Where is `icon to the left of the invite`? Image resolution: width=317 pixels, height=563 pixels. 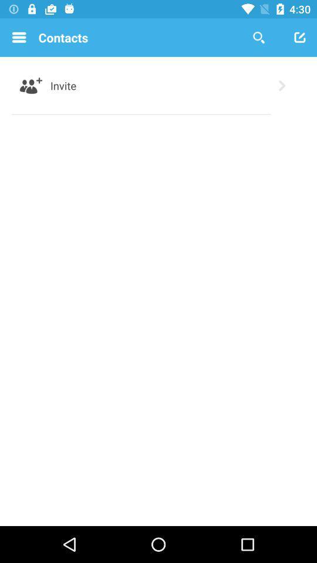
icon to the left of the invite is located at coordinates (31, 85).